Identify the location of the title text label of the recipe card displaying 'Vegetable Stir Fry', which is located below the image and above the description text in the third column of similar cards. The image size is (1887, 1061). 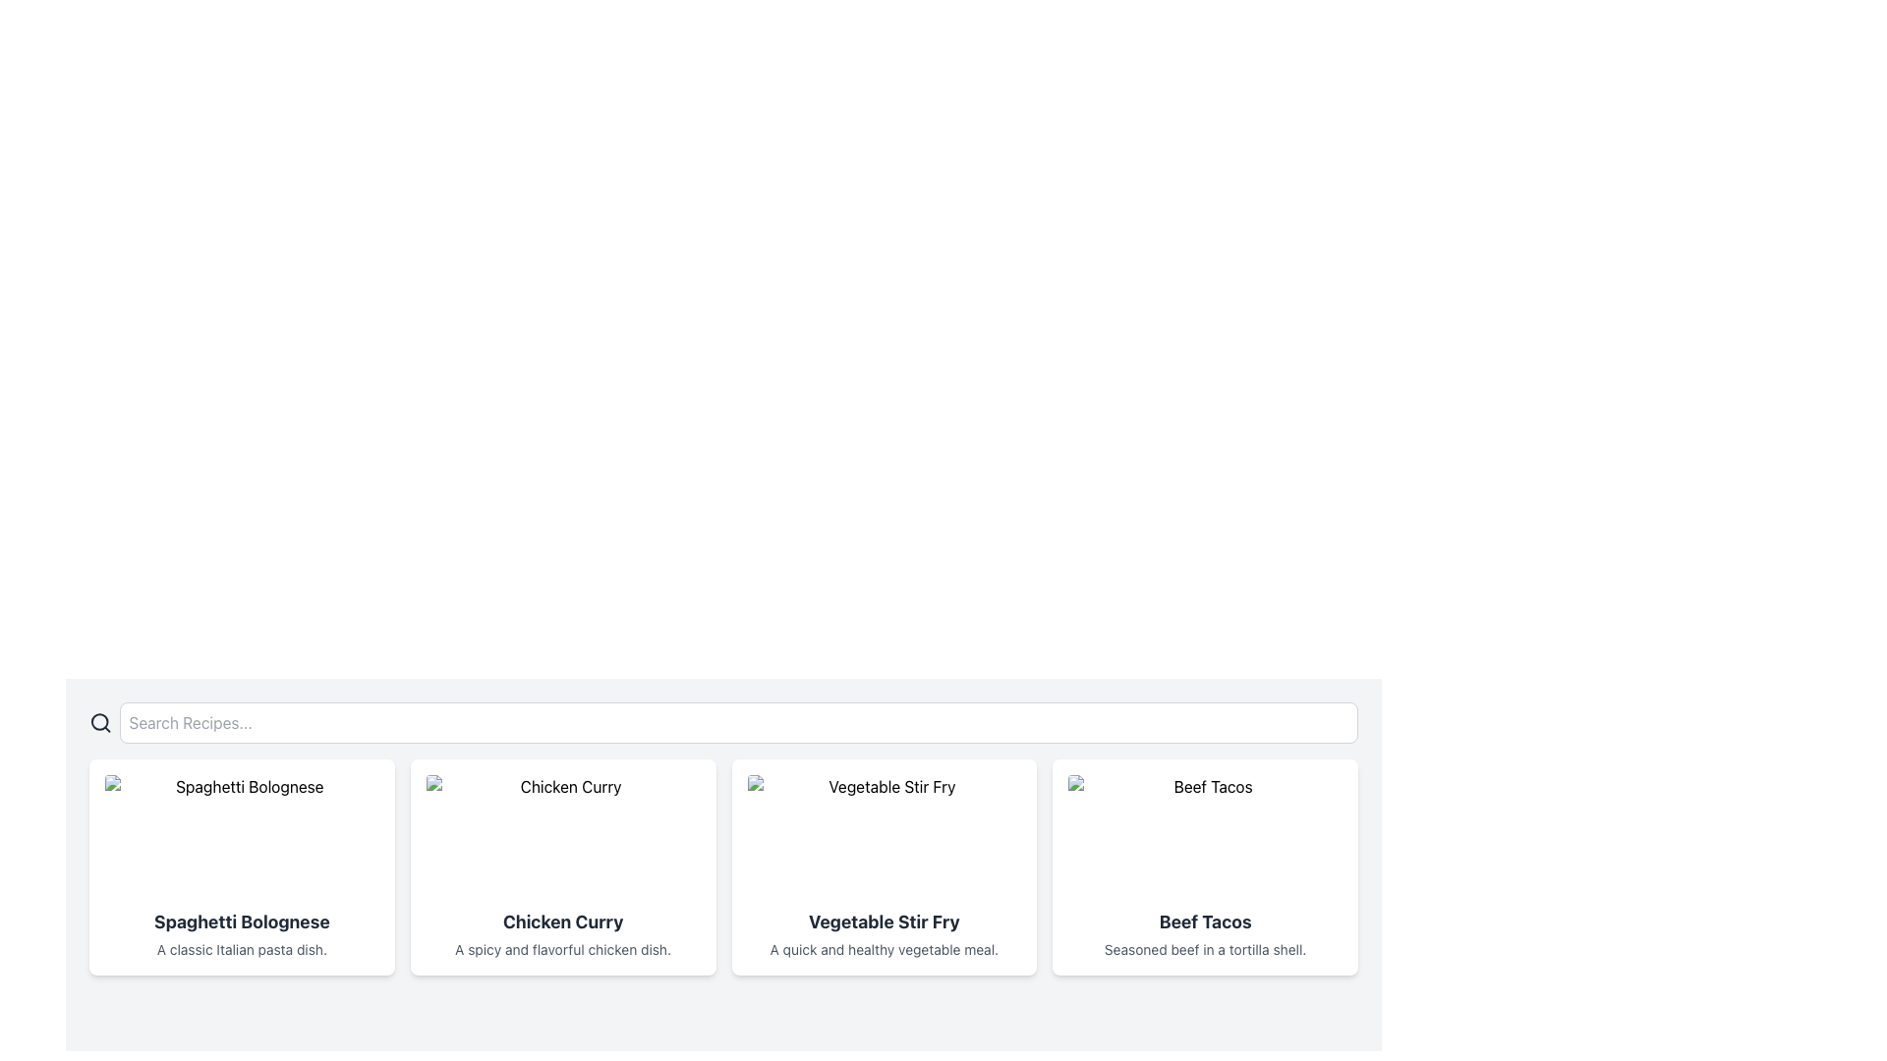
(883, 921).